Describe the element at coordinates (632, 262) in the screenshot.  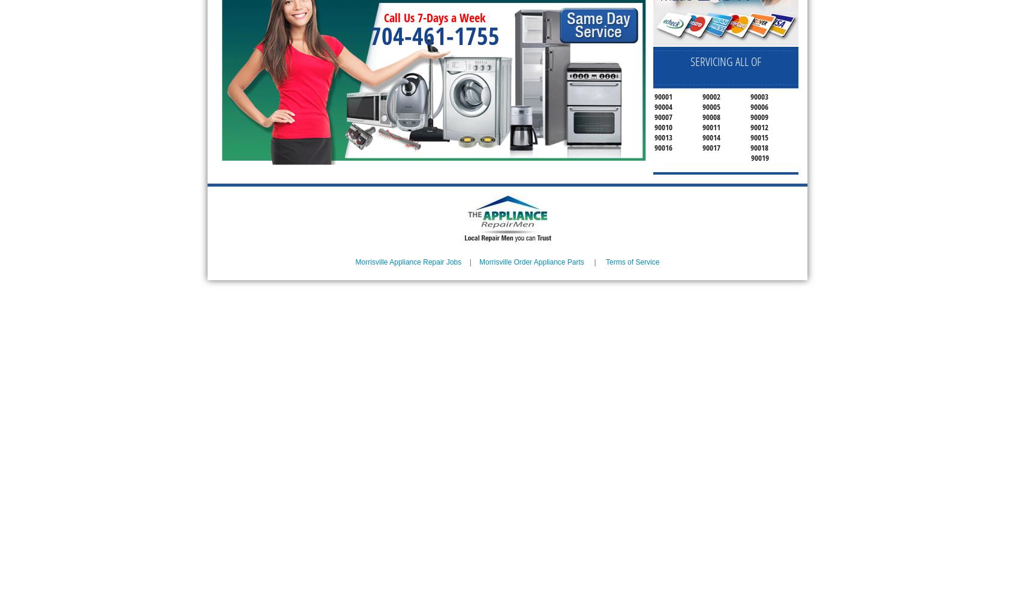
I see `'Terms of Service'` at that location.